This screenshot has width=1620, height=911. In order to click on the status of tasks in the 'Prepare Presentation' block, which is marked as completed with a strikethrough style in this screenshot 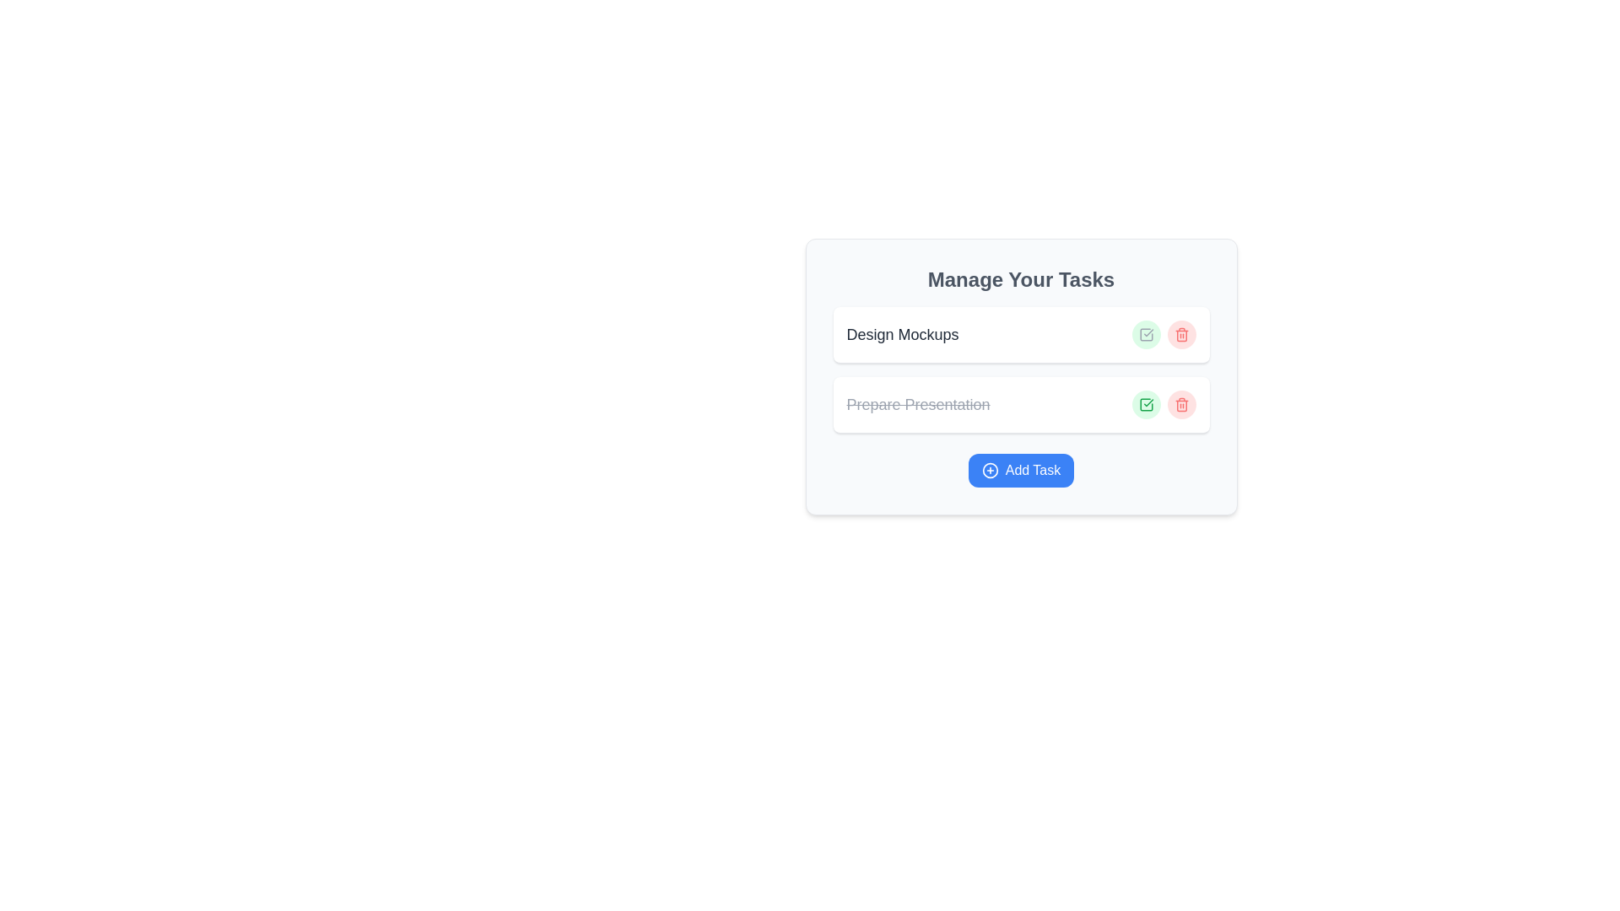, I will do `click(1020, 369)`.